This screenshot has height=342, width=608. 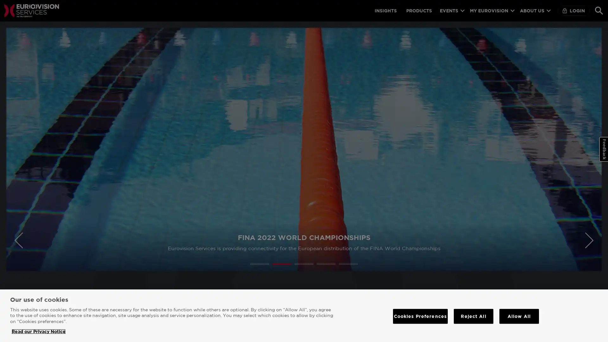 I want to click on Carousel Page 4 (Current Slide), so click(x=326, y=264).